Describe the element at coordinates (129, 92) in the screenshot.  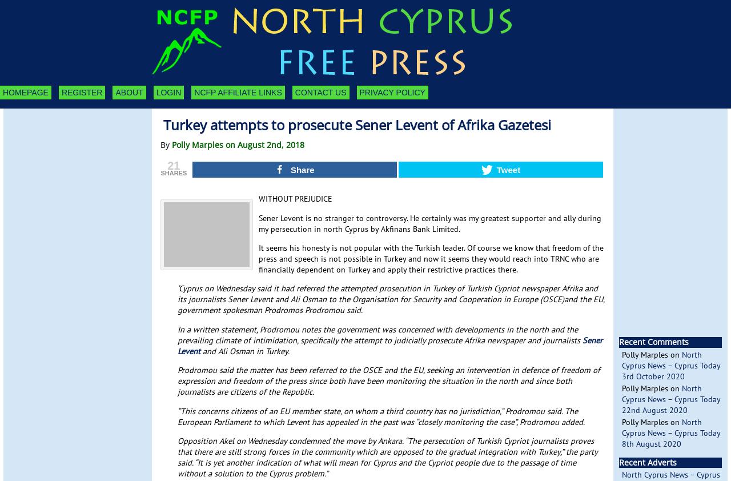
I see `'About'` at that location.